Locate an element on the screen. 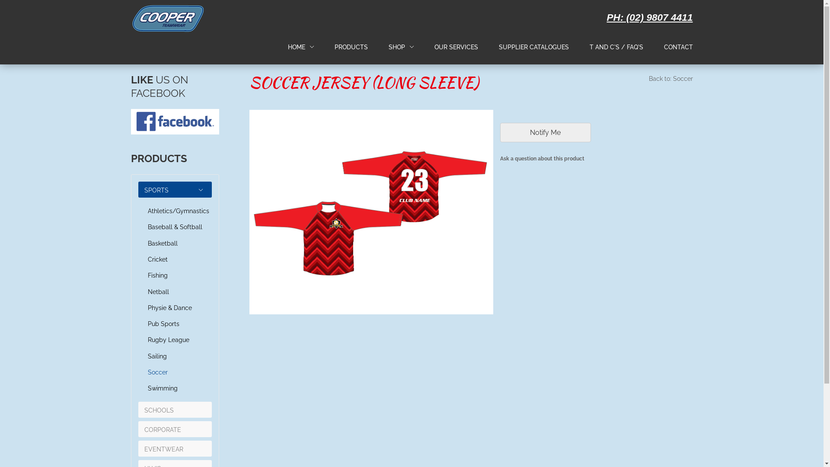 The image size is (830, 467). 'Notify Me' is located at coordinates (545, 132).